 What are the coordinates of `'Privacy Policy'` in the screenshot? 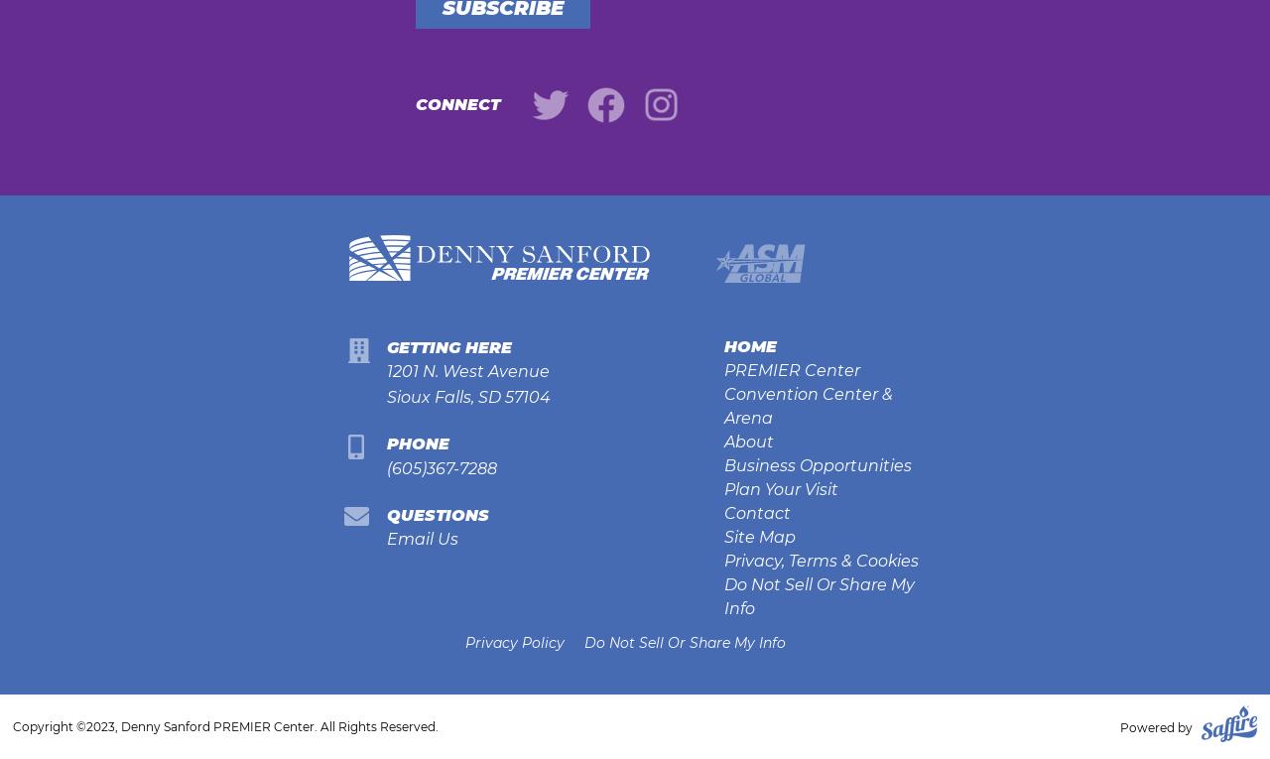 It's located at (514, 643).